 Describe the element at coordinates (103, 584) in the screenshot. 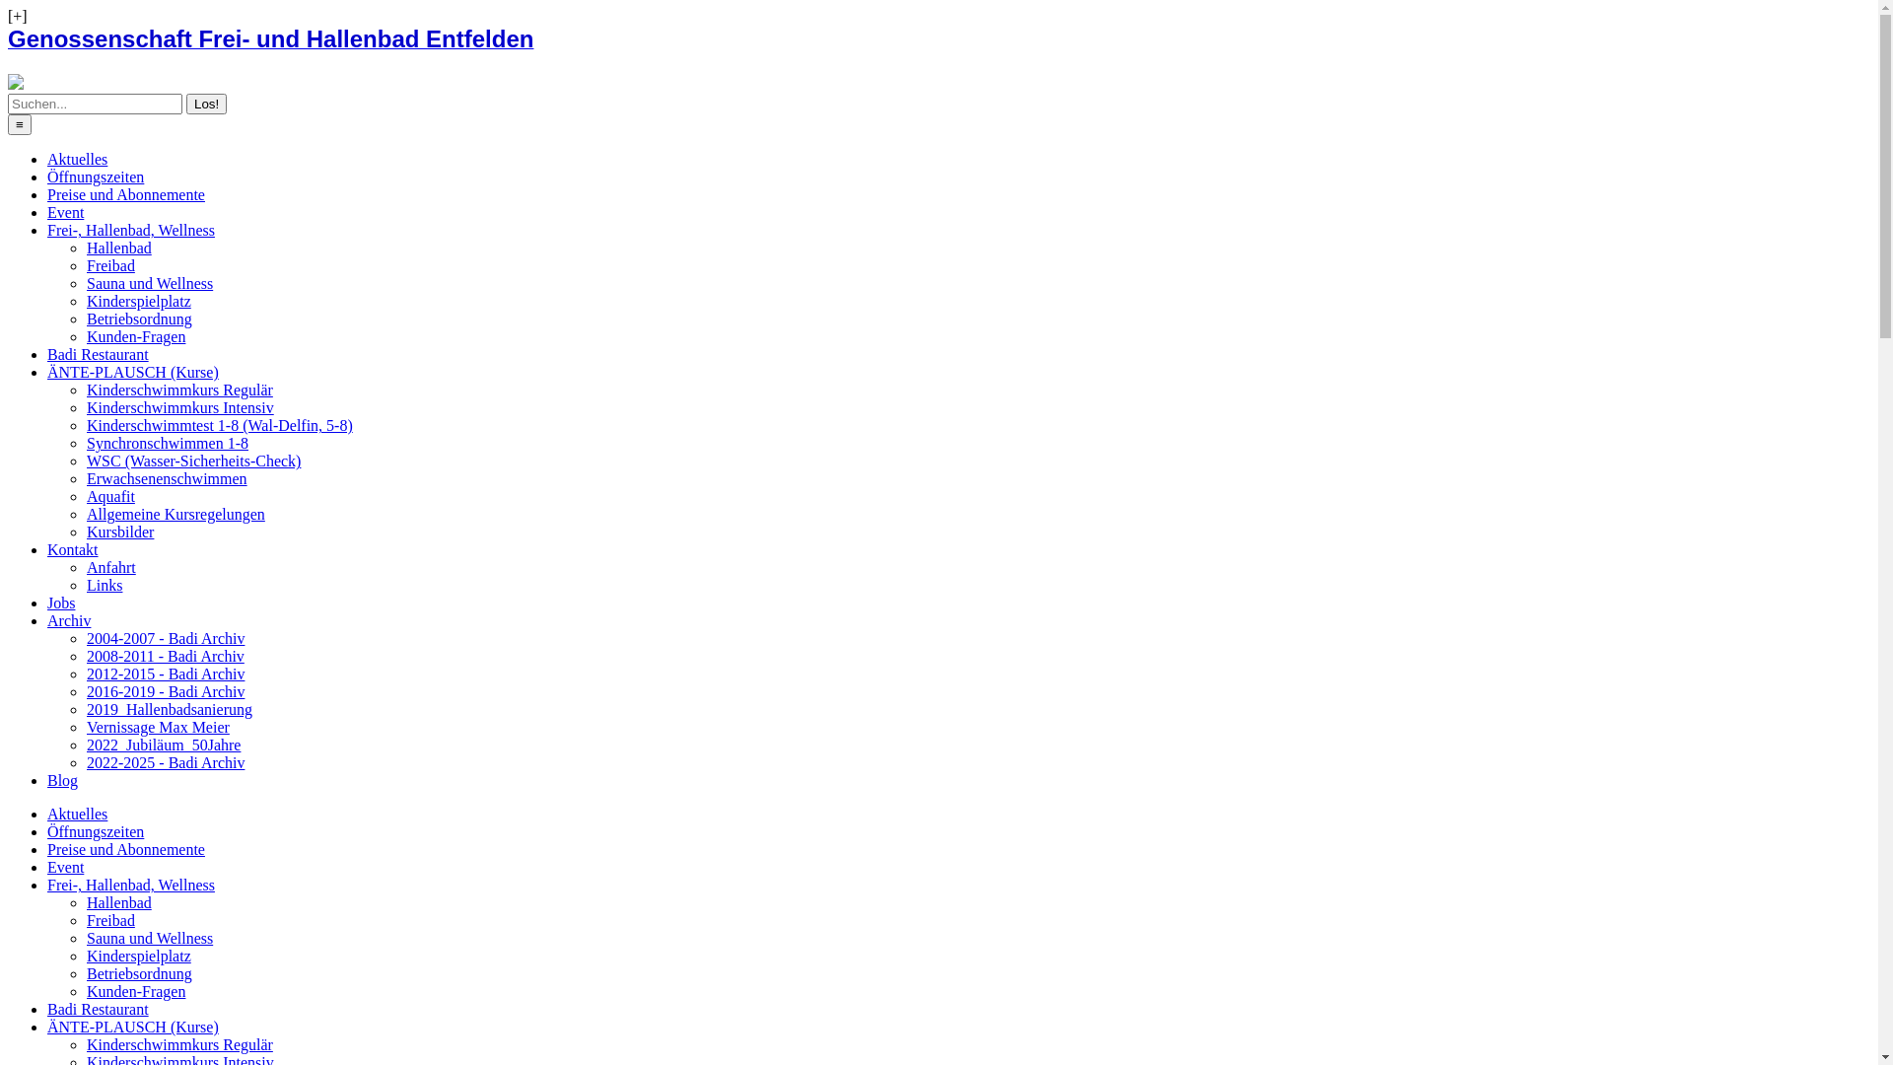

I see `'Links'` at that location.